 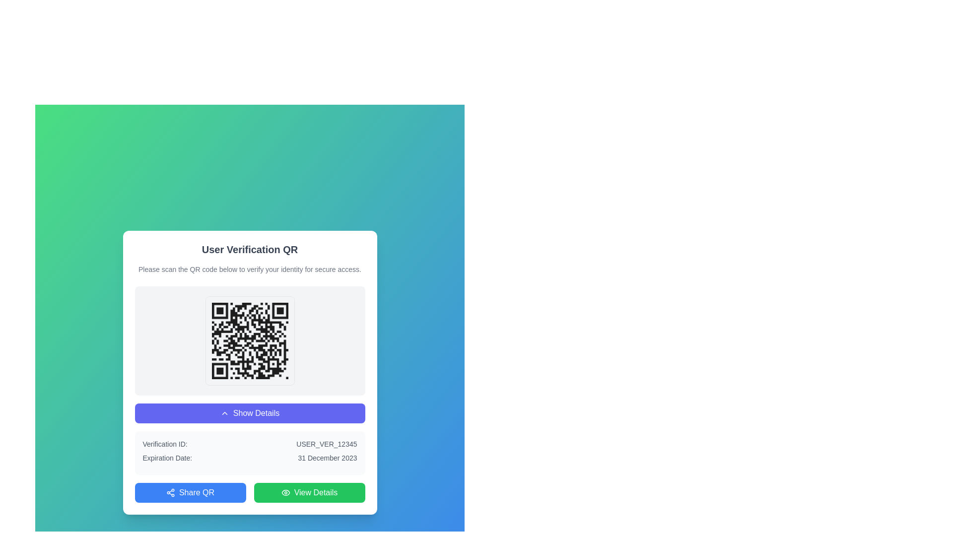 I want to click on the icon located to the left of the 'Show Details' button, which indicates that clicking the button will reveal more information, so click(x=224, y=413).